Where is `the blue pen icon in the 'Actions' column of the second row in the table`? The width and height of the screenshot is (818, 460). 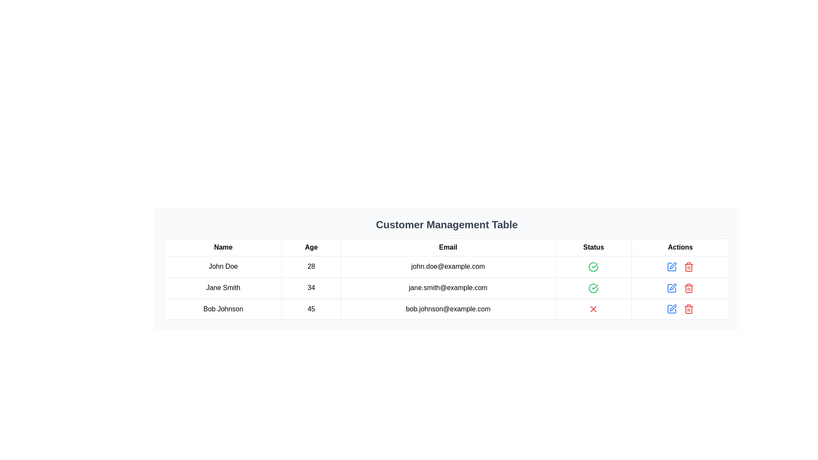 the blue pen icon in the 'Actions' column of the second row in the table is located at coordinates (671, 266).